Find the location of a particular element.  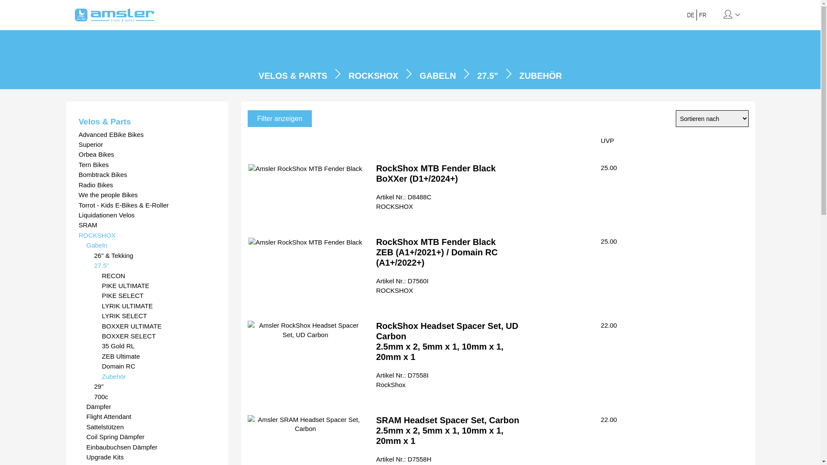

'Artikel Nr.: D7560I is located at coordinates (376, 285).